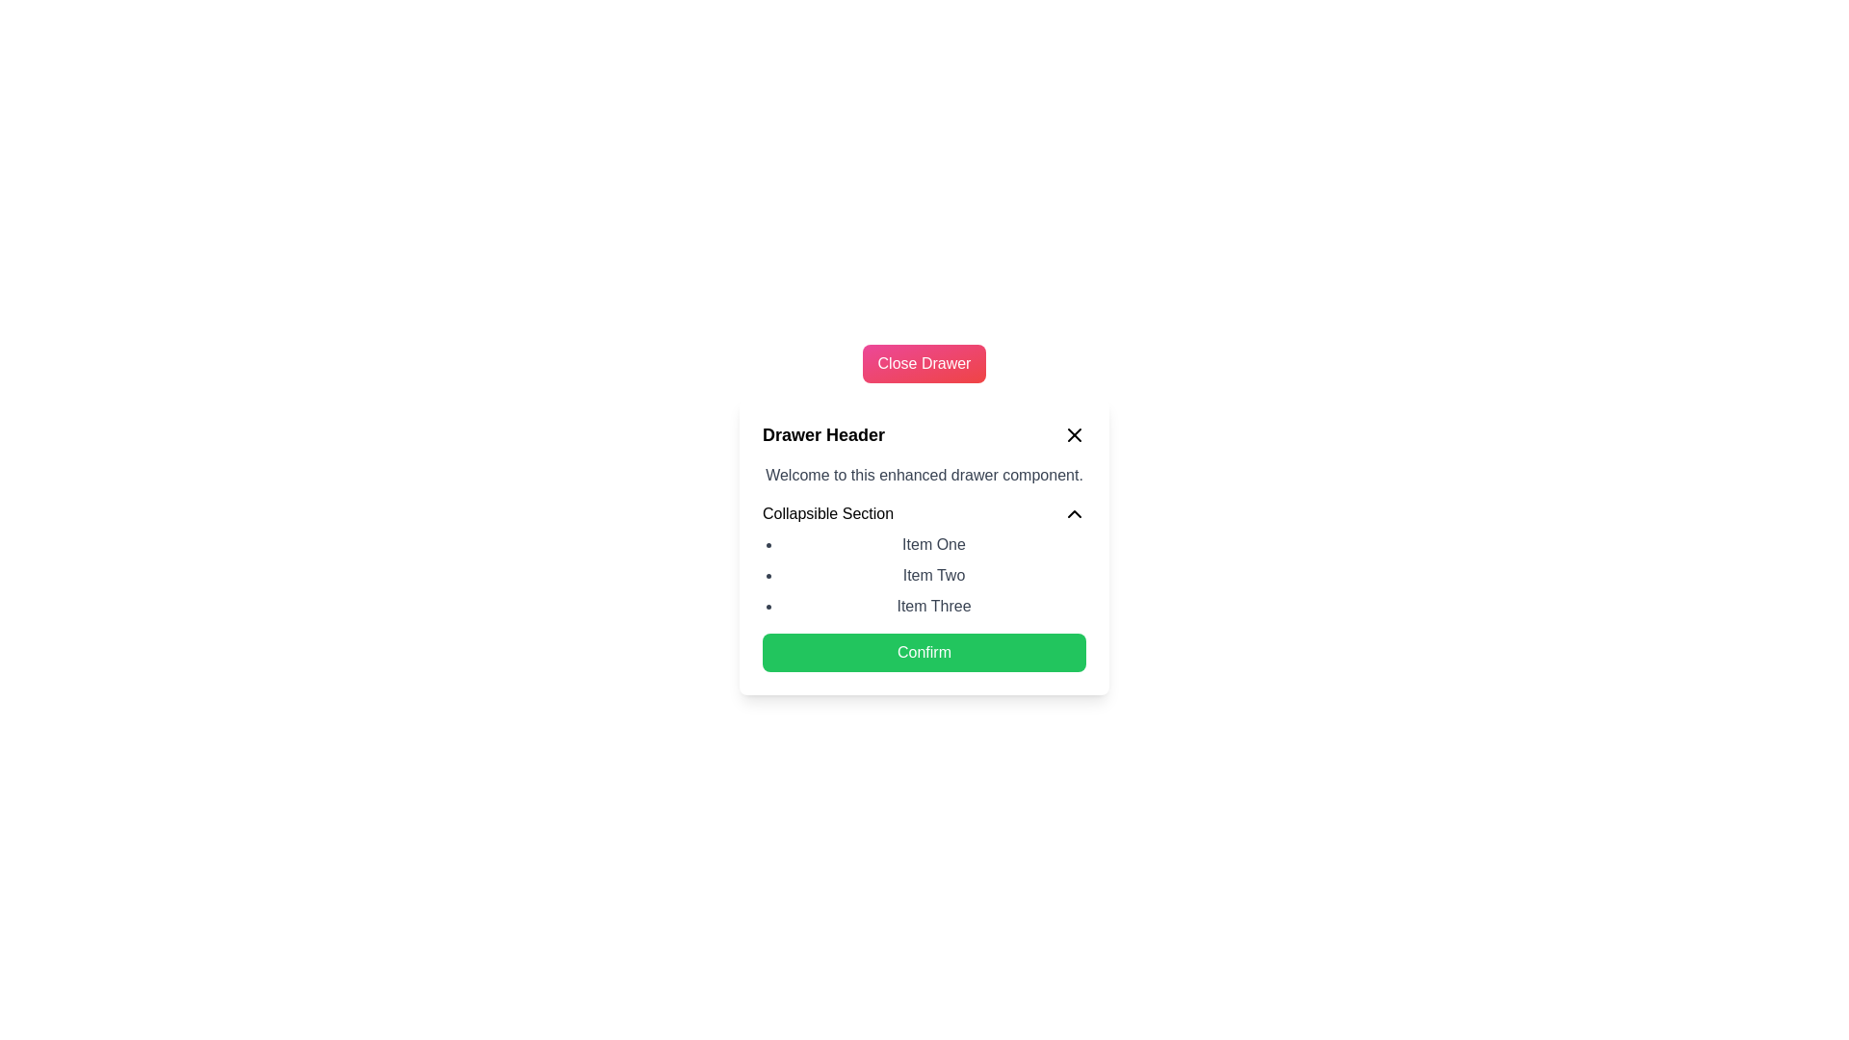 The width and height of the screenshot is (1849, 1040). I want to click on 'Item One' from the collapsible section labeled 'Collapsible Section' within the drawer interface, so click(924, 560).